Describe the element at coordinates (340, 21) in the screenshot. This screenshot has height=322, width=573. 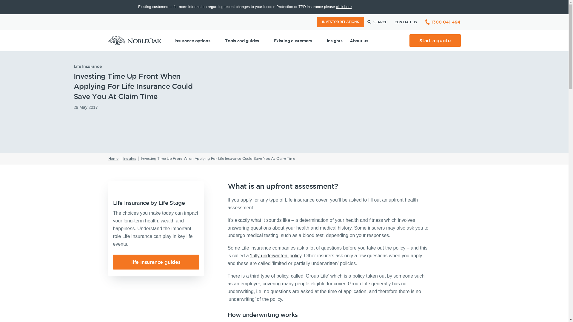
I see `'INVESTOR RELATIONS'` at that location.